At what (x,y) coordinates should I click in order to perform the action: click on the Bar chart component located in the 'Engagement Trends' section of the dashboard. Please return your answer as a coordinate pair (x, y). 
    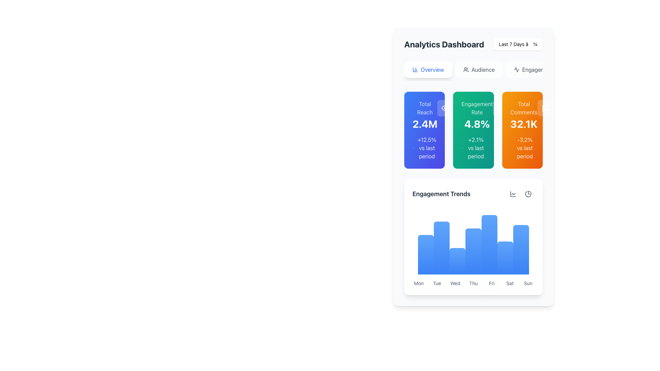
    Looking at the image, I should click on (473, 241).